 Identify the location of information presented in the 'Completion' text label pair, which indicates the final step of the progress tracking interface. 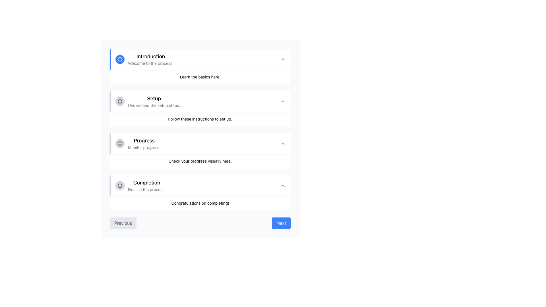
(147, 185).